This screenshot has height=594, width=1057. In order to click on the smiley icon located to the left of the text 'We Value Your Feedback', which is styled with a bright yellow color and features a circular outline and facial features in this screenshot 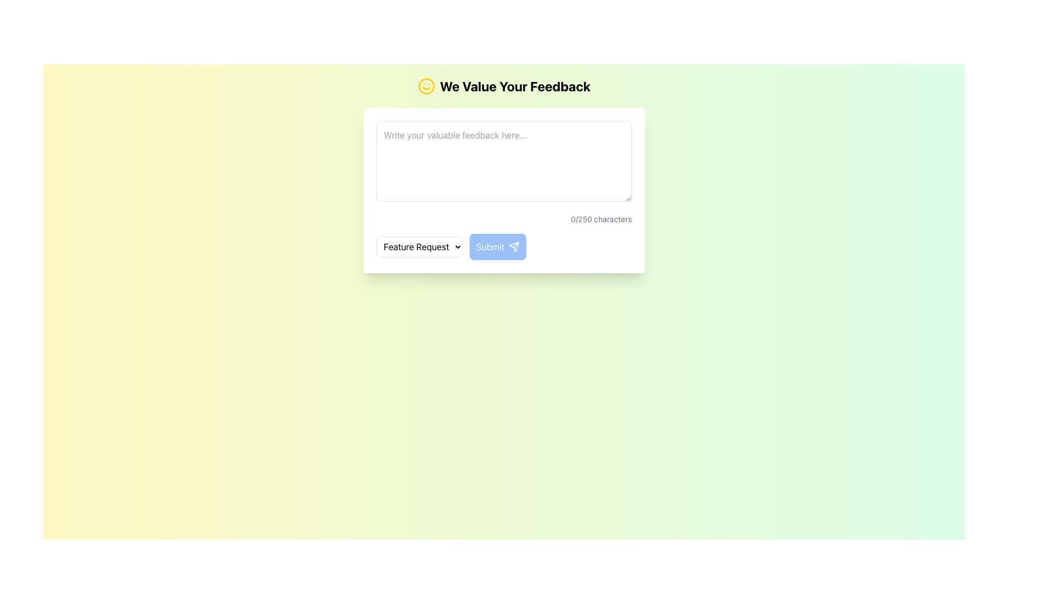, I will do `click(426, 86)`.